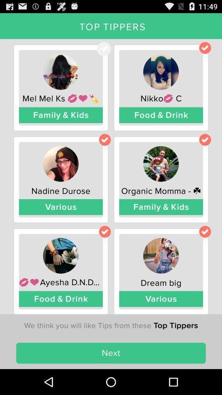 The height and width of the screenshot is (395, 222). I want to click on the next, so click(111, 353).